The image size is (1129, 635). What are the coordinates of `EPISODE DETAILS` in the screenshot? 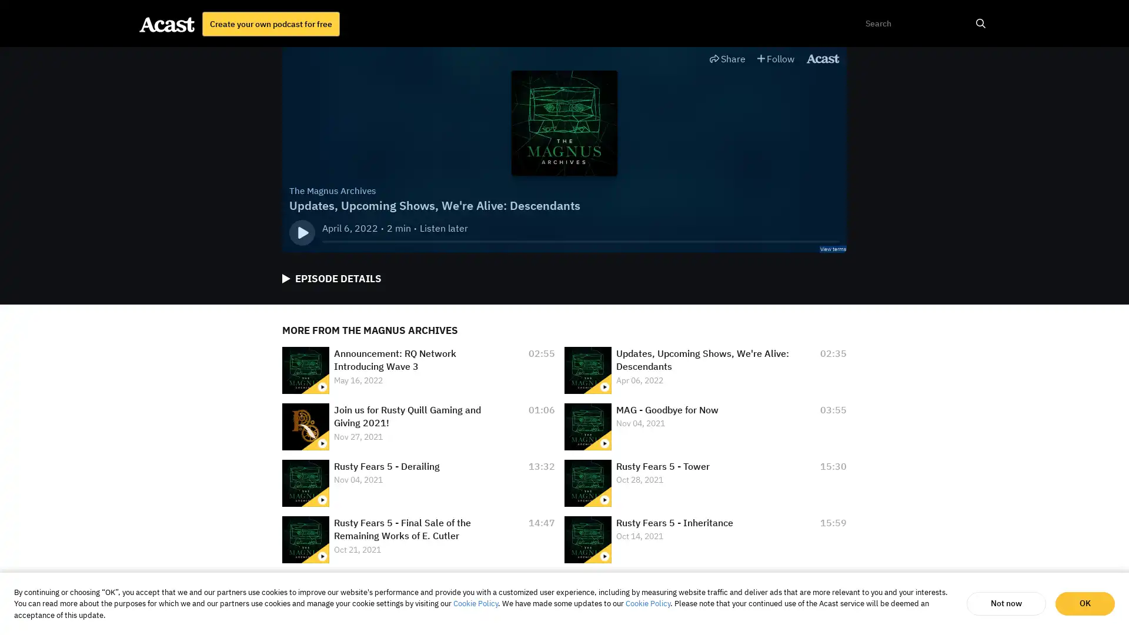 It's located at (331, 279).